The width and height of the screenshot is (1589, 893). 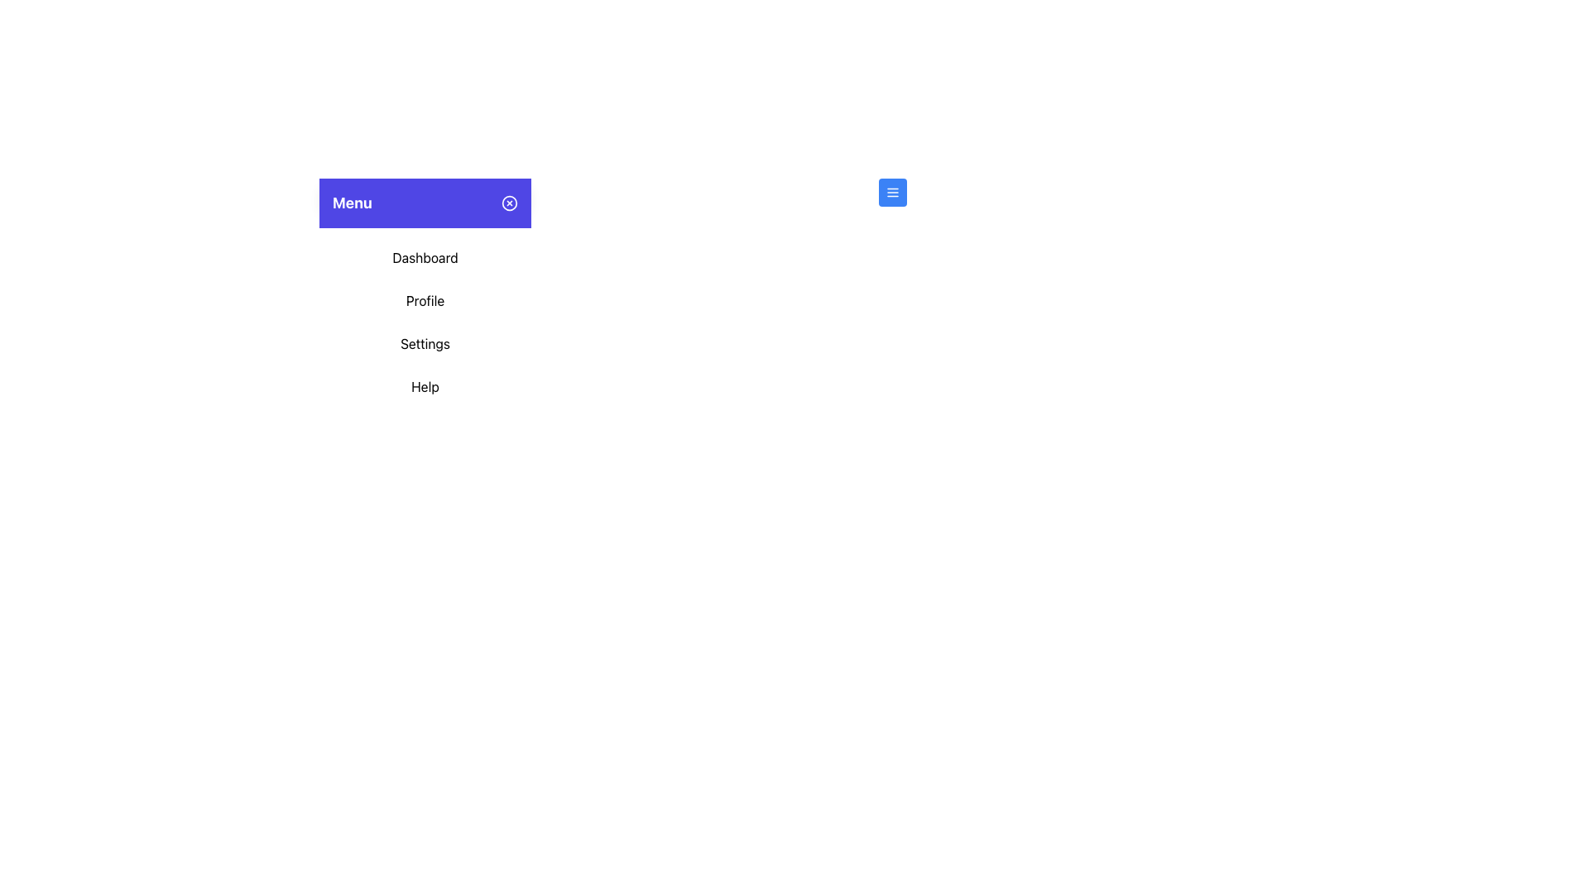 I want to click on the circular graphical element located at the top-right corner of the menu interface, which has a solid border and is part of a status indicator, so click(x=508, y=203).